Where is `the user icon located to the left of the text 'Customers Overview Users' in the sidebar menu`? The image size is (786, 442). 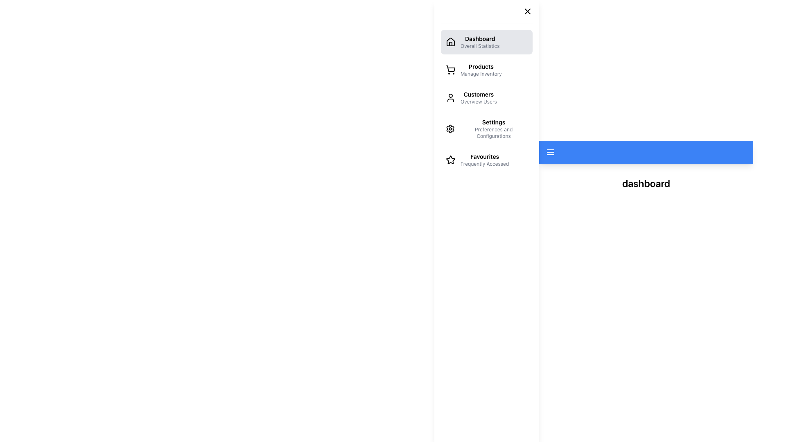 the user icon located to the left of the text 'Customers Overview Users' in the sidebar menu is located at coordinates (450, 97).